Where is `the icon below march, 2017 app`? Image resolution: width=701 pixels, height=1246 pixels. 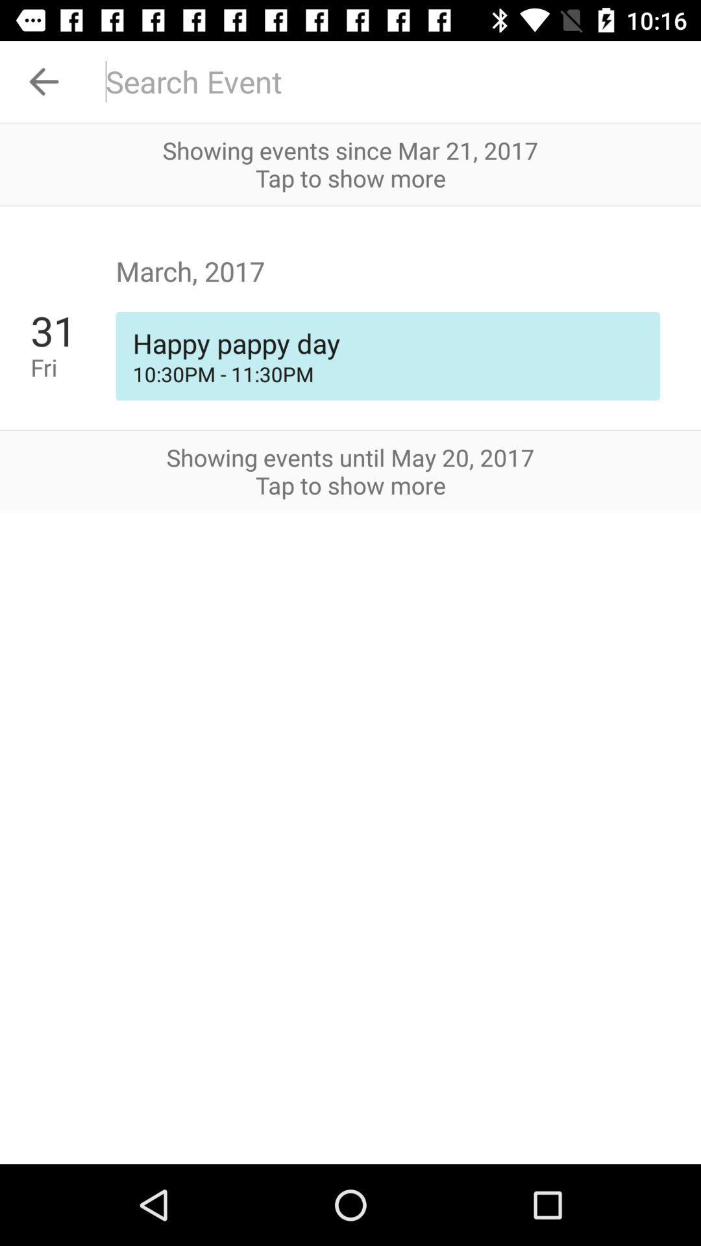
the icon below march, 2017 app is located at coordinates (73, 367).